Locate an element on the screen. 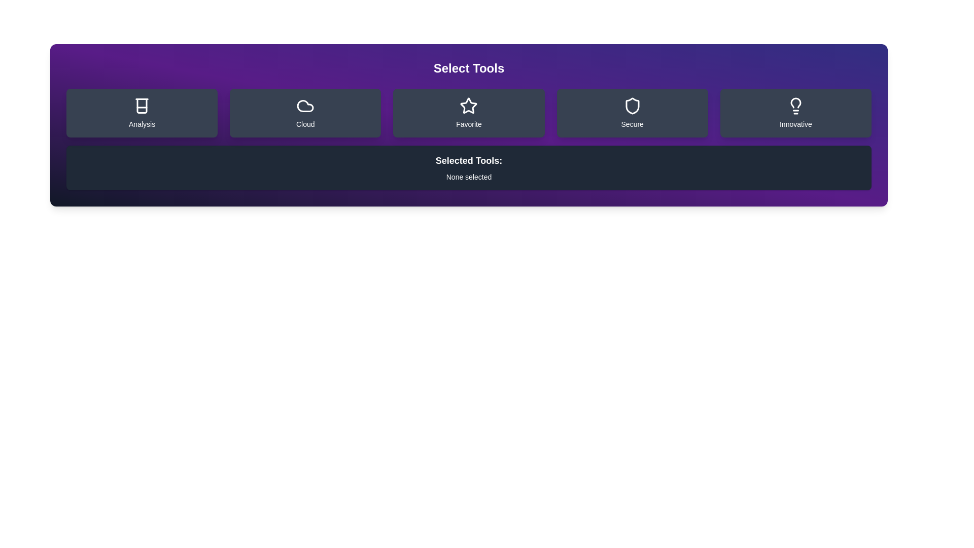  the text label that describes the associated card for 'Analysis', located at the bottom section of the card, centered horizontally below a beaker icon is located at coordinates (142, 124).